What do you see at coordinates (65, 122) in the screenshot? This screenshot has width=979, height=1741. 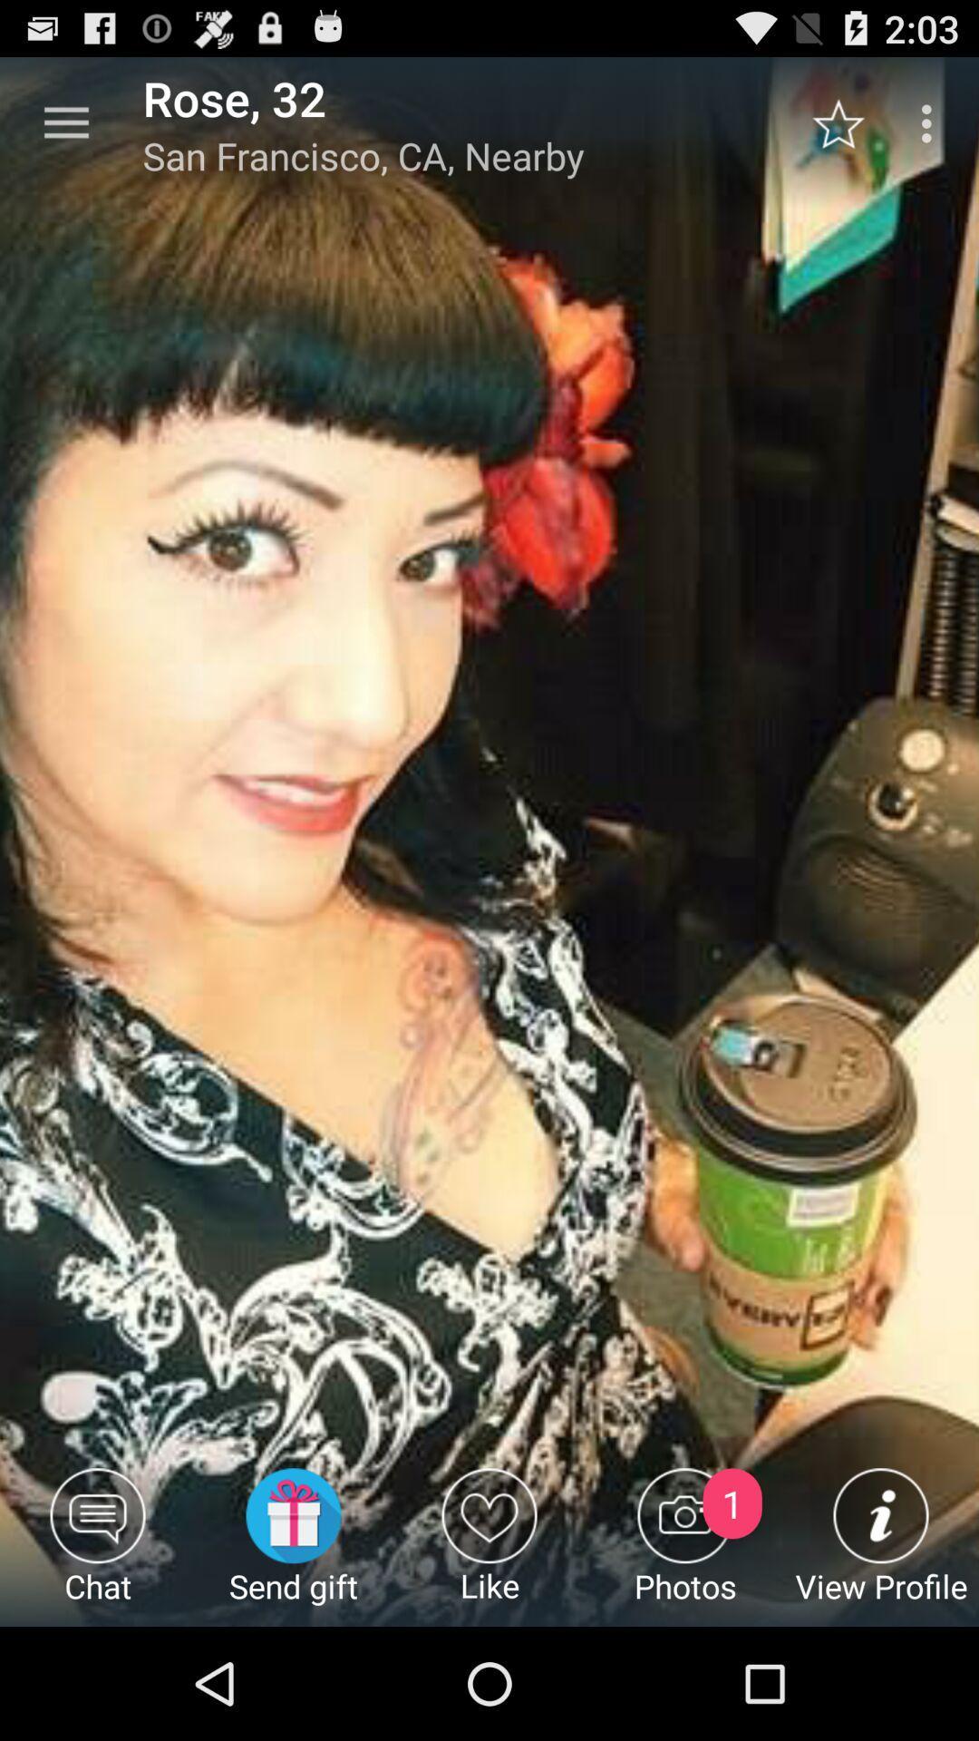 I see `item above chat` at bounding box center [65, 122].